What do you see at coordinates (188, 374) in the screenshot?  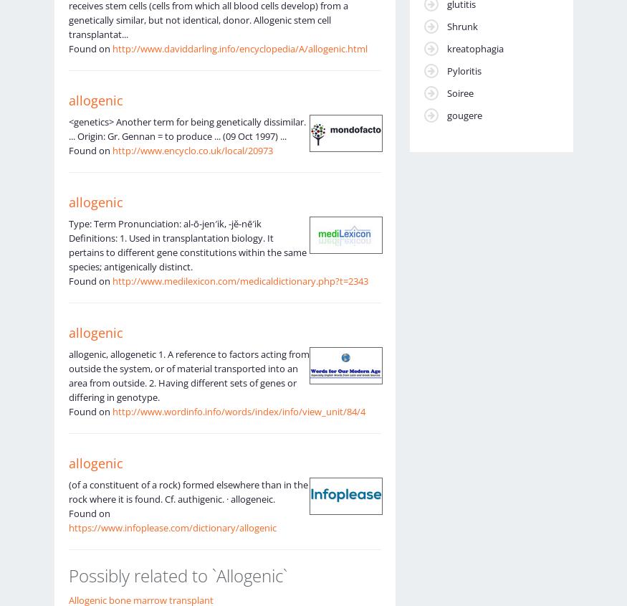 I see `'allogenic, allogenetic 1. A reference to factors acting from outside the system, or of material transported into an area from outside. 2. Having different sets of genes or differing in genotype.'` at bounding box center [188, 374].